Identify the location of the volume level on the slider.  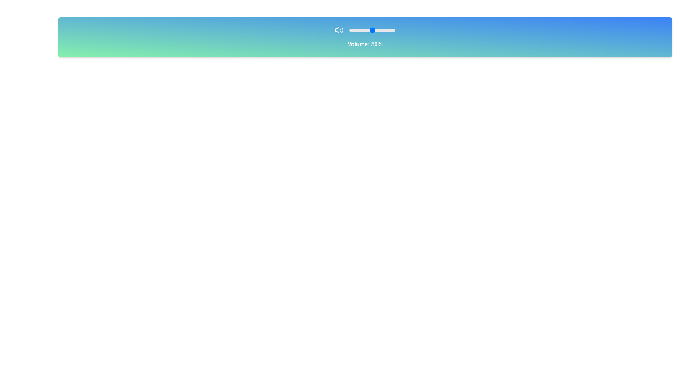
(374, 30).